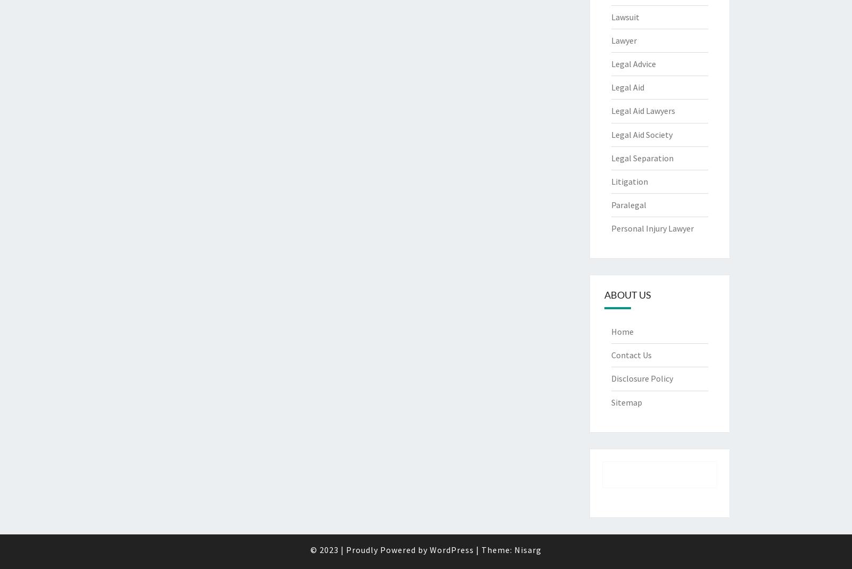 Image resolution: width=852 pixels, height=569 pixels. Describe the element at coordinates (514, 549) in the screenshot. I see `'Nisarg'` at that location.